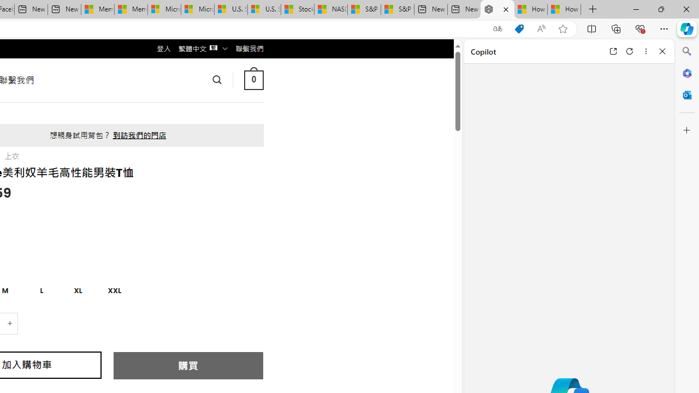 This screenshot has width=699, height=393. Describe the element at coordinates (686, 130) in the screenshot. I see `'Customize'` at that location.